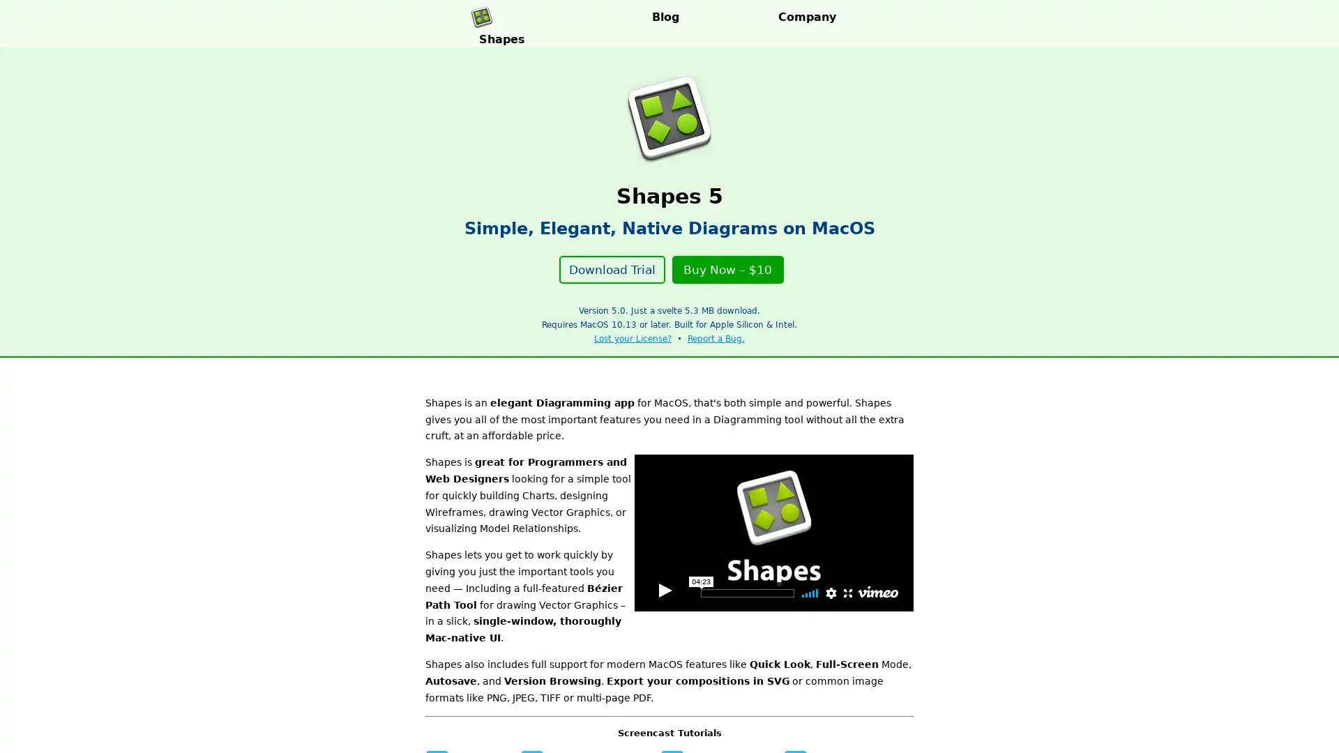 The height and width of the screenshot is (753, 1339). What do you see at coordinates (726, 268) in the screenshot?
I see `Buy Now  $10` at bounding box center [726, 268].